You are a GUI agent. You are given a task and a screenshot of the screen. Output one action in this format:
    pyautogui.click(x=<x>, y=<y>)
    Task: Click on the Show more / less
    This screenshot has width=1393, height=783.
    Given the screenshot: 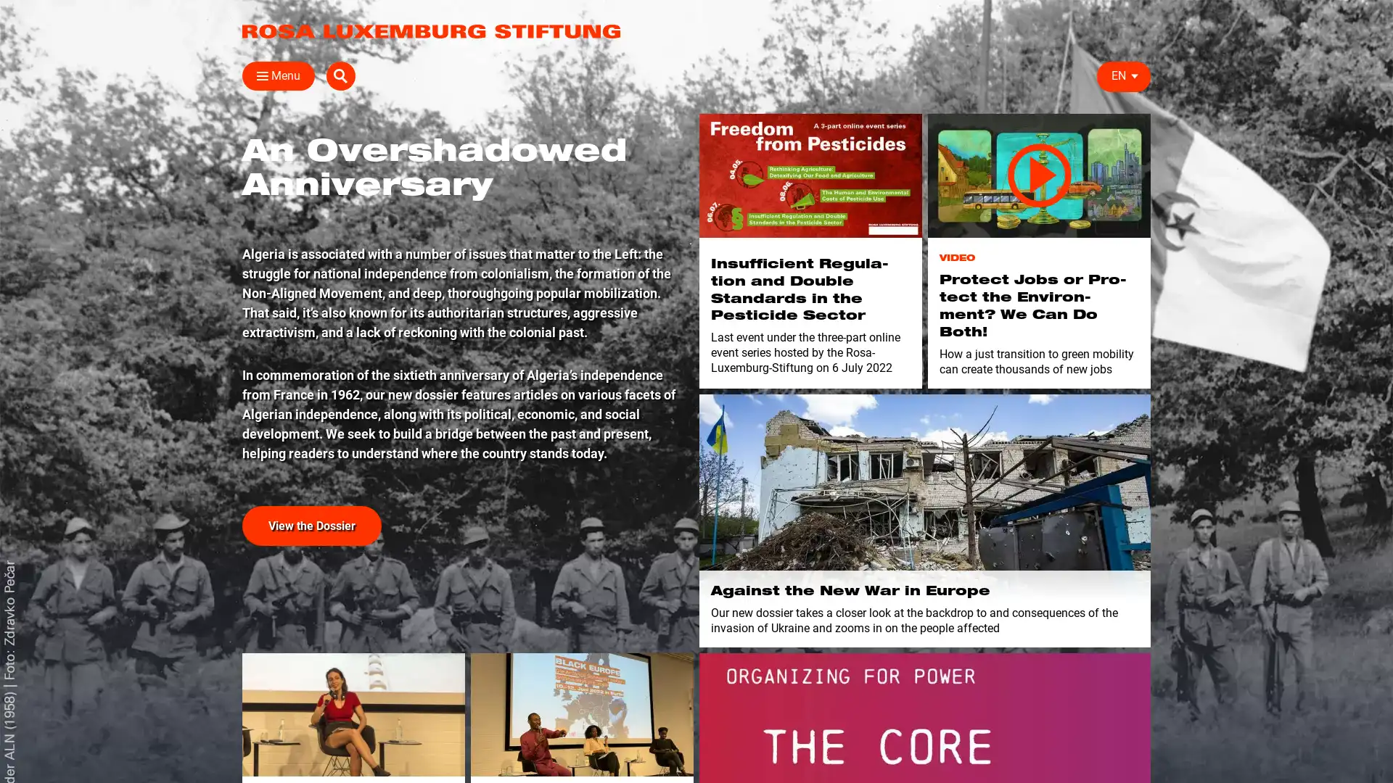 What is the action you would take?
    pyautogui.click(x=462, y=217)
    